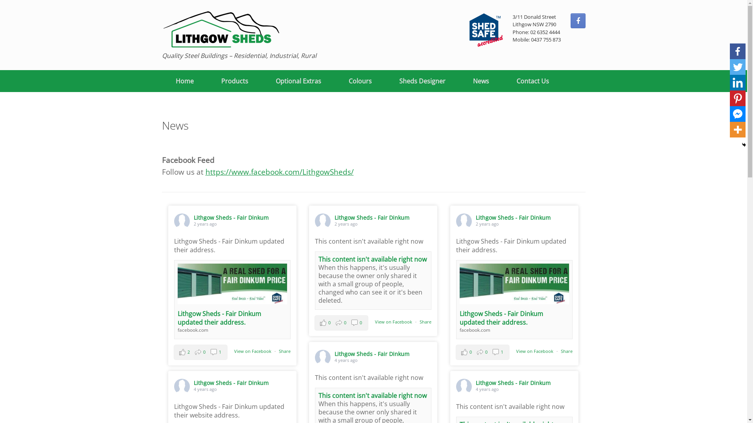  What do you see at coordinates (280, 171) in the screenshot?
I see `'https://www.facebook.com/LithgowSheds/'` at bounding box center [280, 171].